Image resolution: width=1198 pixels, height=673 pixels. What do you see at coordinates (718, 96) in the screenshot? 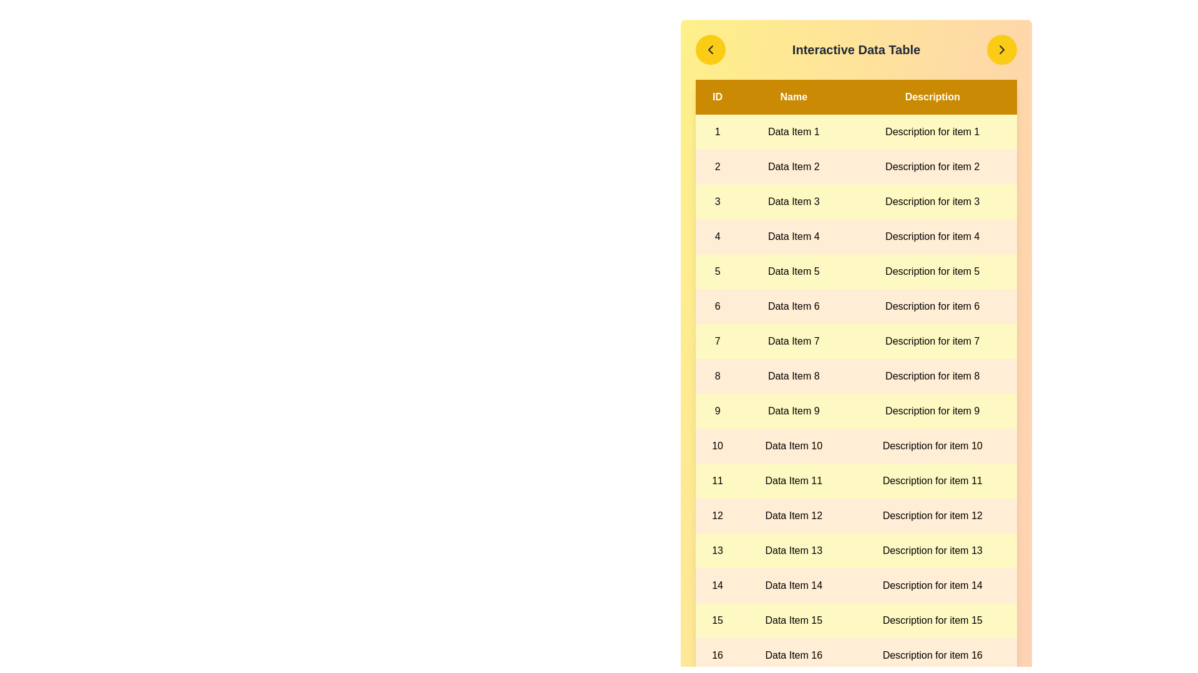
I see `the header cell labeled ID to reveal its description` at bounding box center [718, 96].